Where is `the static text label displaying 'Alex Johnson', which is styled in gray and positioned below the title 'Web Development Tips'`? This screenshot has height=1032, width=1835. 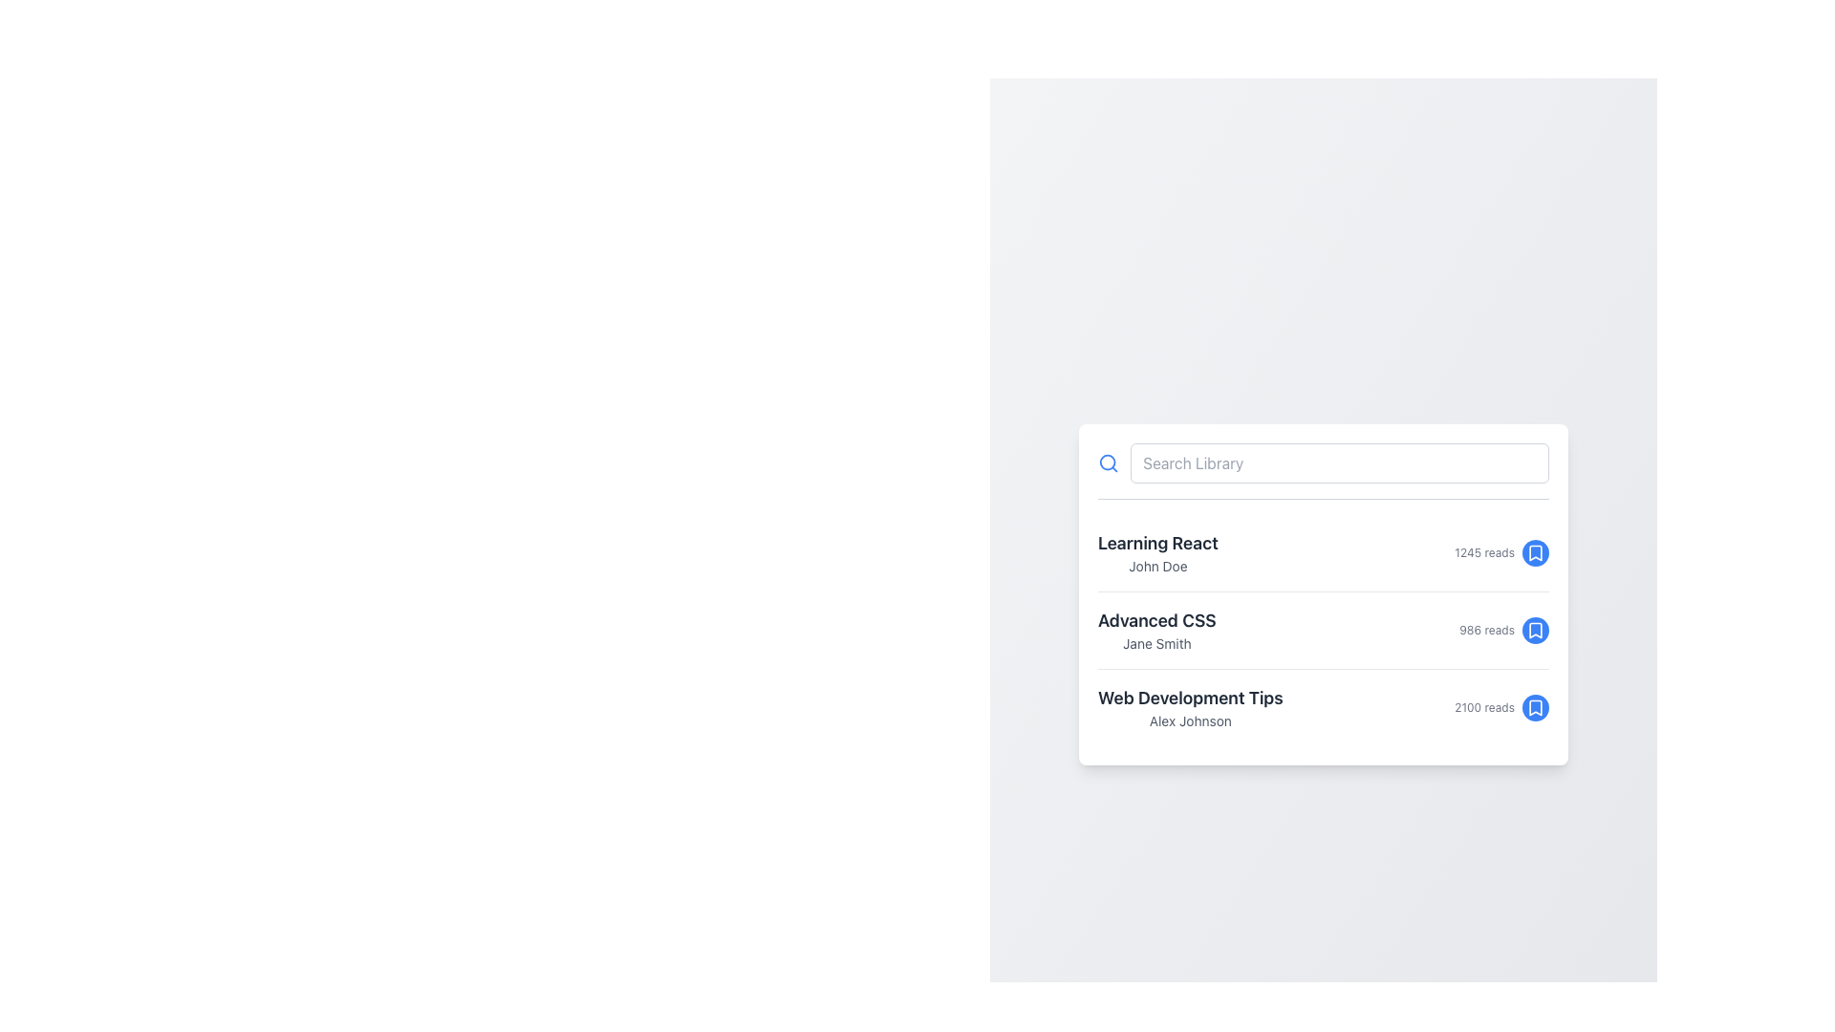 the static text label displaying 'Alex Johnson', which is styled in gray and positioned below the title 'Web Development Tips' is located at coordinates (1189, 720).